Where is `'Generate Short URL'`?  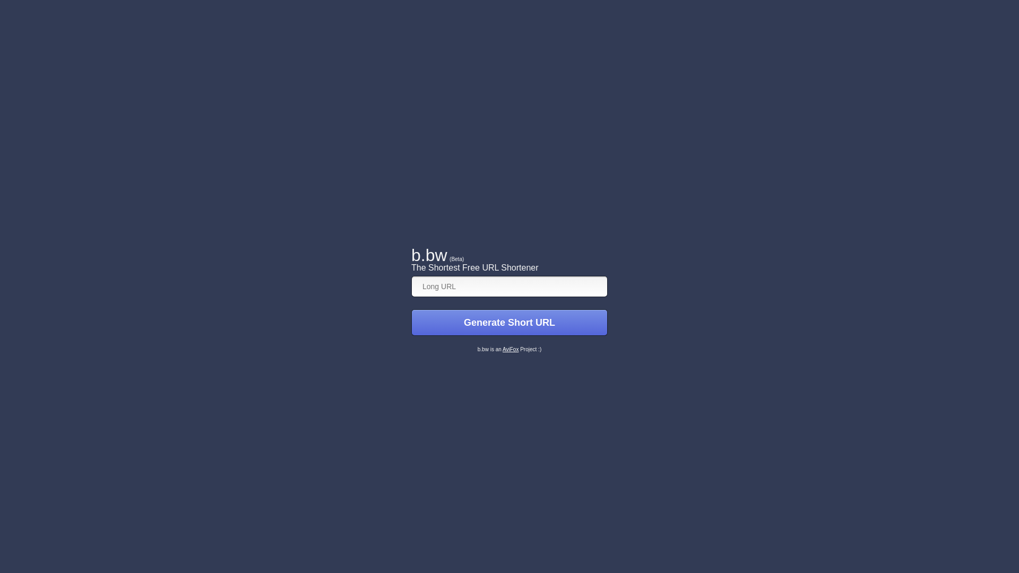 'Generate Short URL' is located at coordinates (509, 322).